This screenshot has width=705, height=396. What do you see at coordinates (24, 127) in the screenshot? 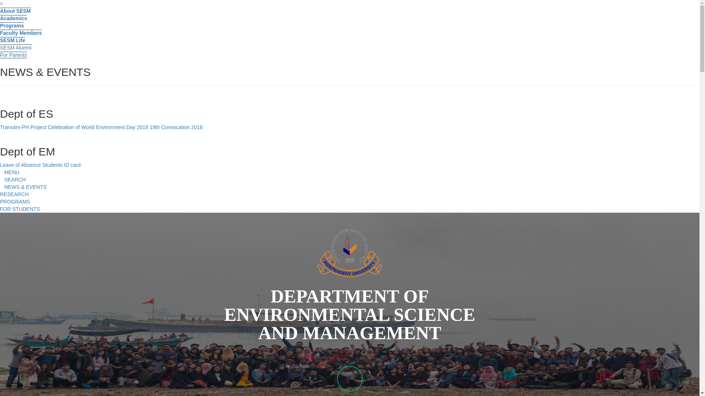
I see `'Trans4m-PH Project'` at bounding box center [24, 127].